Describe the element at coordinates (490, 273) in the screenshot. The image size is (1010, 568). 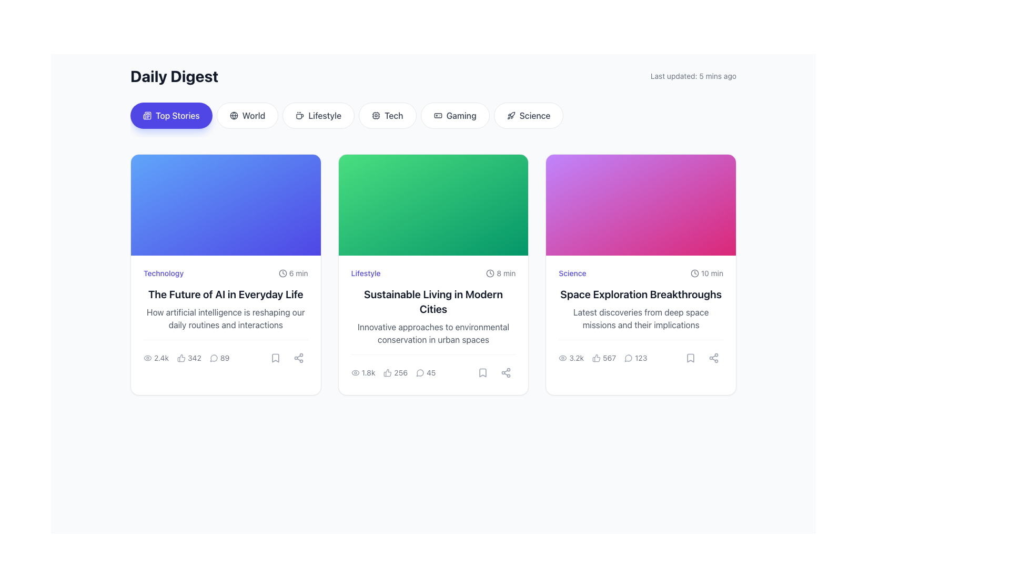
I see `the SVG icon representing duration or timestamp information located to the left of the text '8 min' under the title 'Lifestyle' in the middle of the cards row` at that location.